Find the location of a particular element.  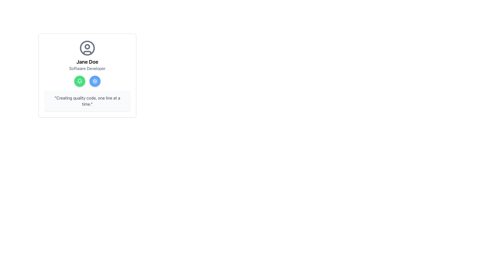

the decorative circular outline of the graphical avatar at the top of the user profile card, which is centered horizontally and aligned vertically above the user's name is located at coordinates (87, 48).